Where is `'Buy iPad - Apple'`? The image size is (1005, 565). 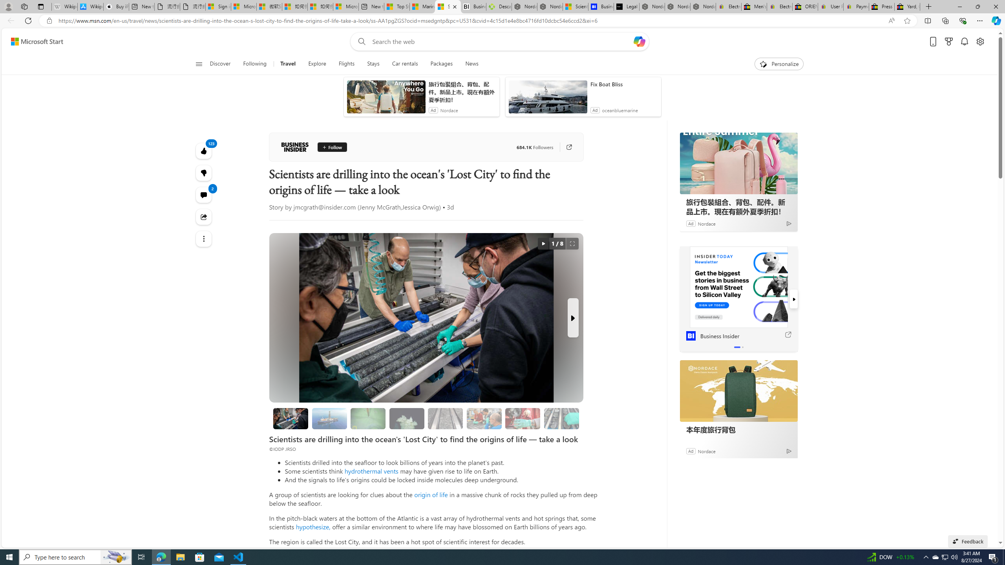
'Buy iPad - Apple' is located at coordinates (116, 6).